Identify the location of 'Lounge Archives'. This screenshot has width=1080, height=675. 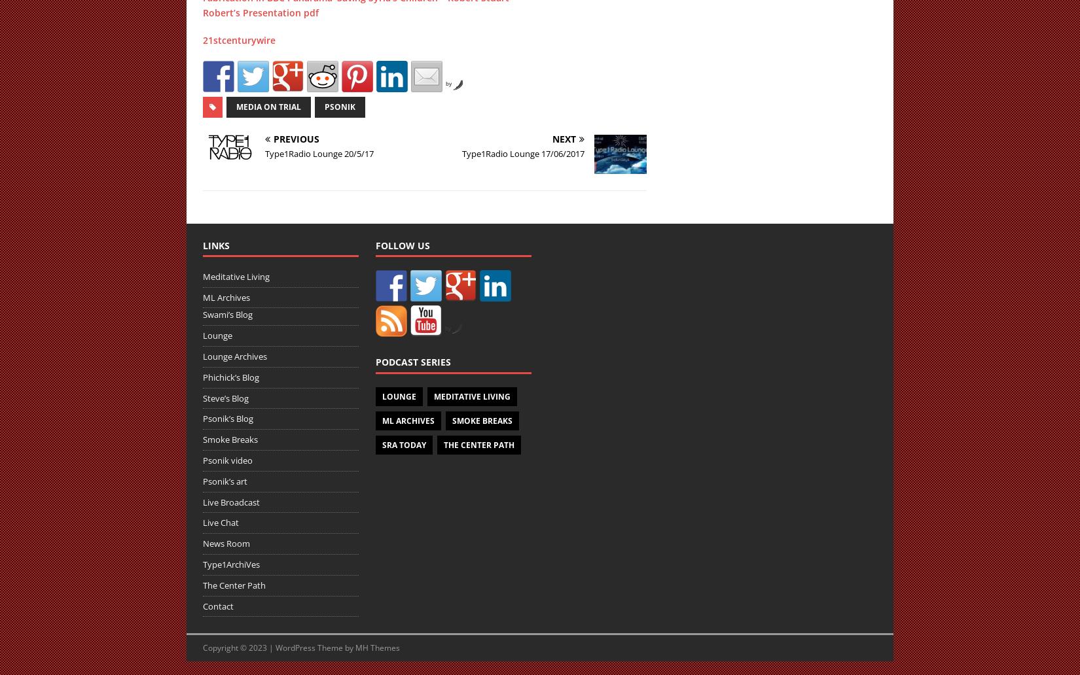
(235, 356).